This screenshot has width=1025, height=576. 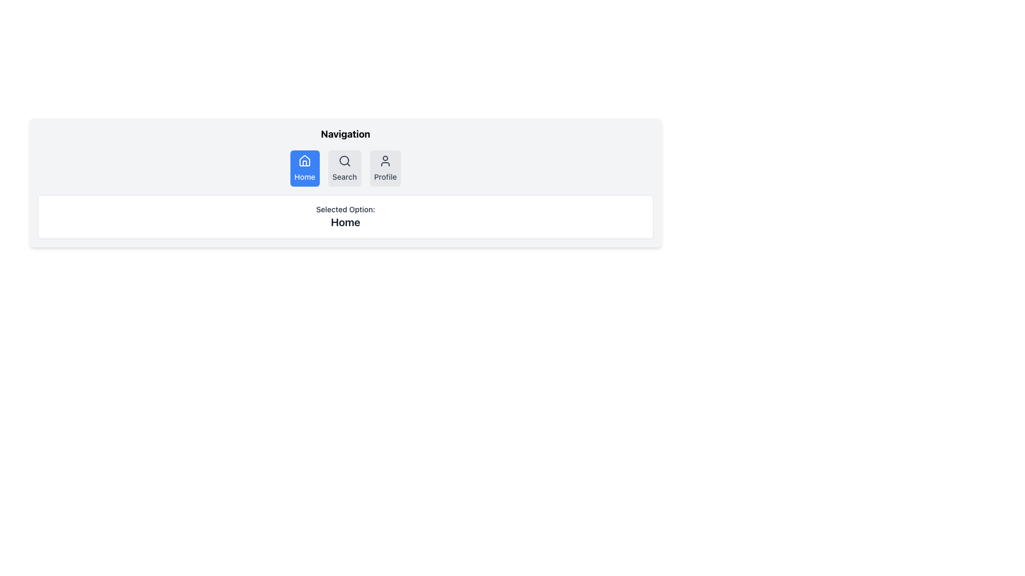 What do you see at coordinates (385, 161) in the screenshot?
I see `the user profile icon located at the far right of the horizontal navigation bar` at bounding box center [385, 161].